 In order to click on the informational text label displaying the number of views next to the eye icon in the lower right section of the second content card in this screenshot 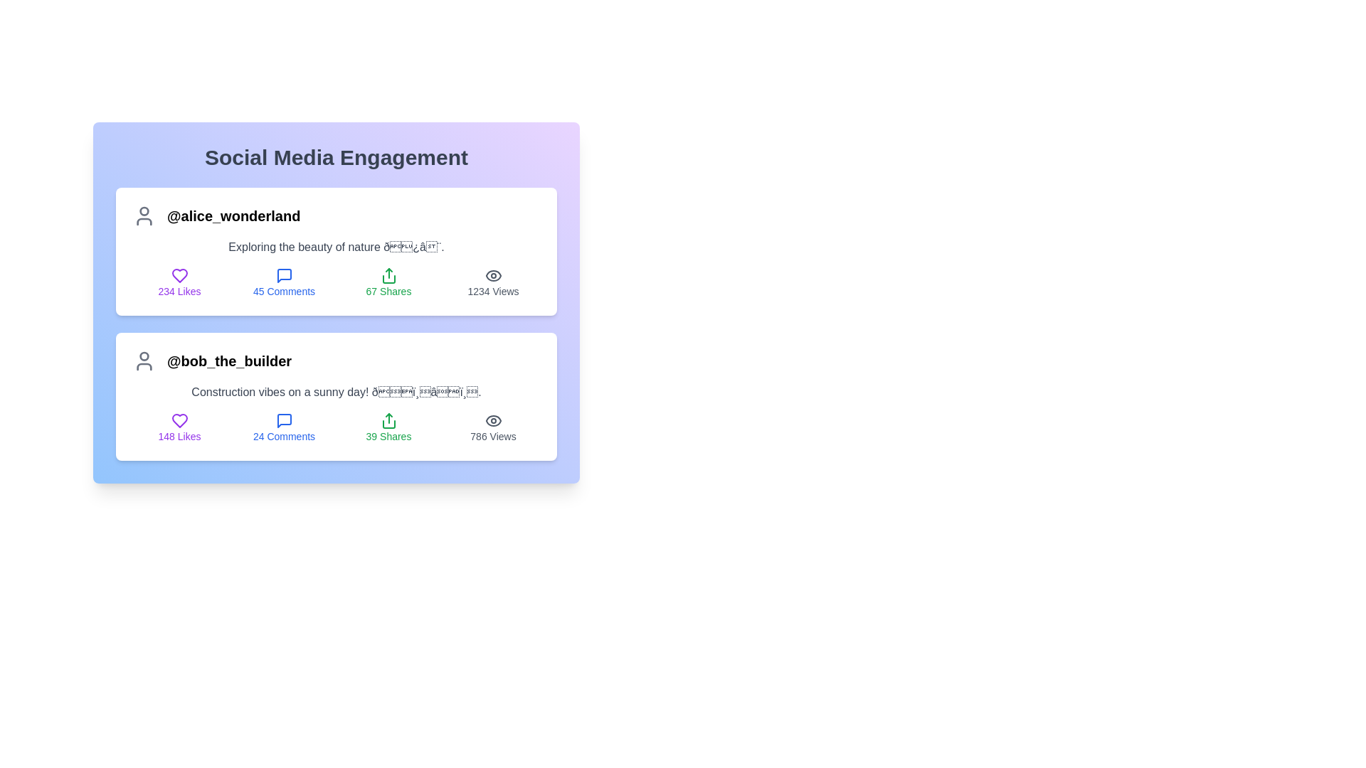, I will do `click(493, 435)`.